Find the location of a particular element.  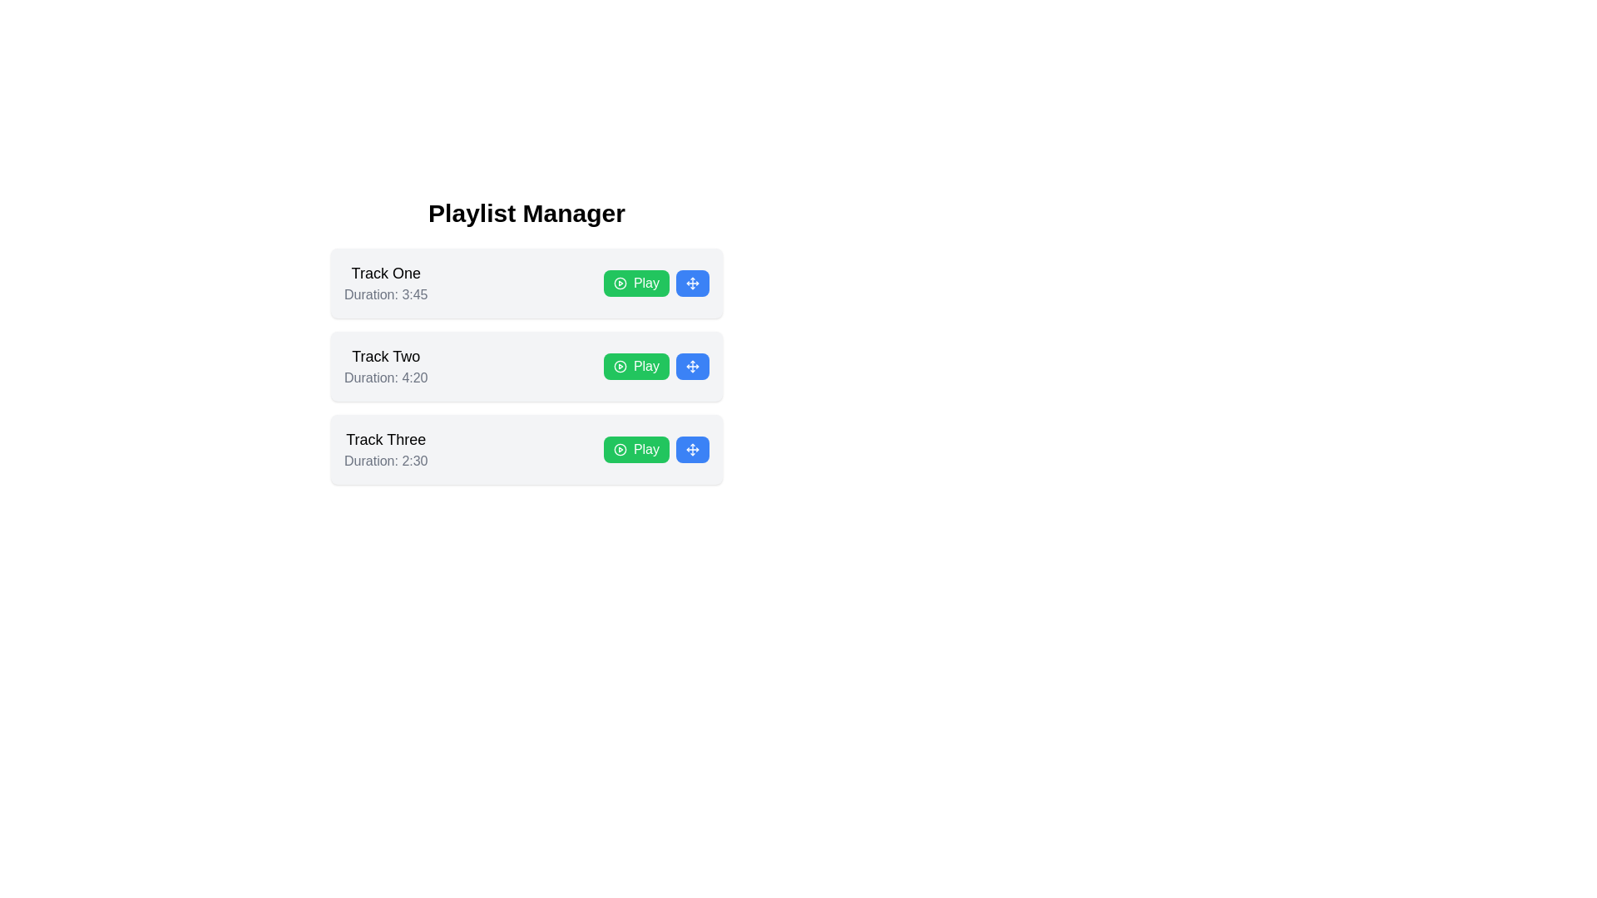

the blue button with a white move icon is located at coordinates (693, 449).